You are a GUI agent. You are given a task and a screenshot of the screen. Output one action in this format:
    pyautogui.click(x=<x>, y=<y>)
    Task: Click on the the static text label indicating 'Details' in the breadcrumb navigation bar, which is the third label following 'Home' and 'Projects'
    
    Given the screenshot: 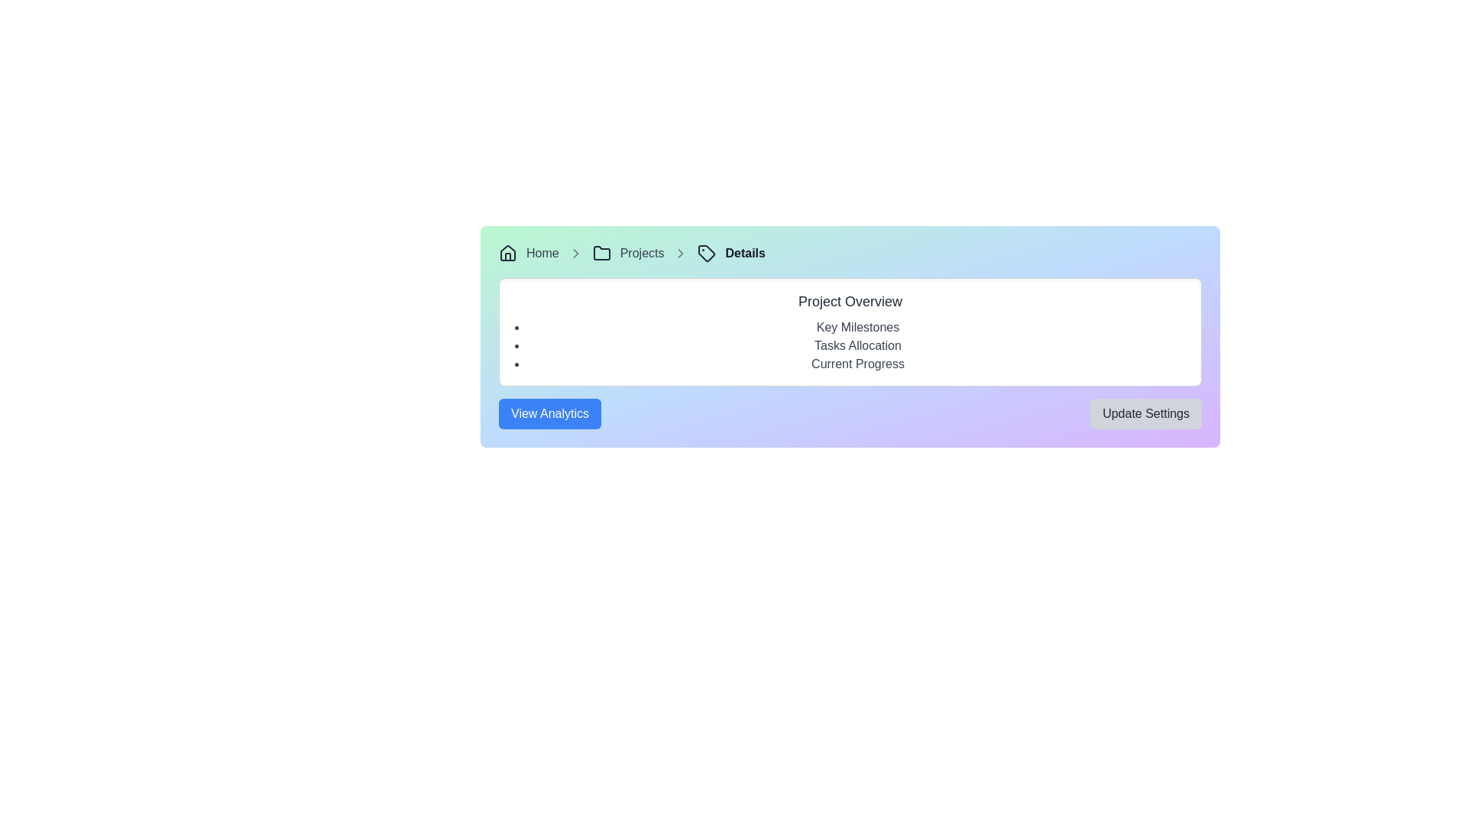 What is the action you would take?
    pyautogui.click(x=745, y=252)
    